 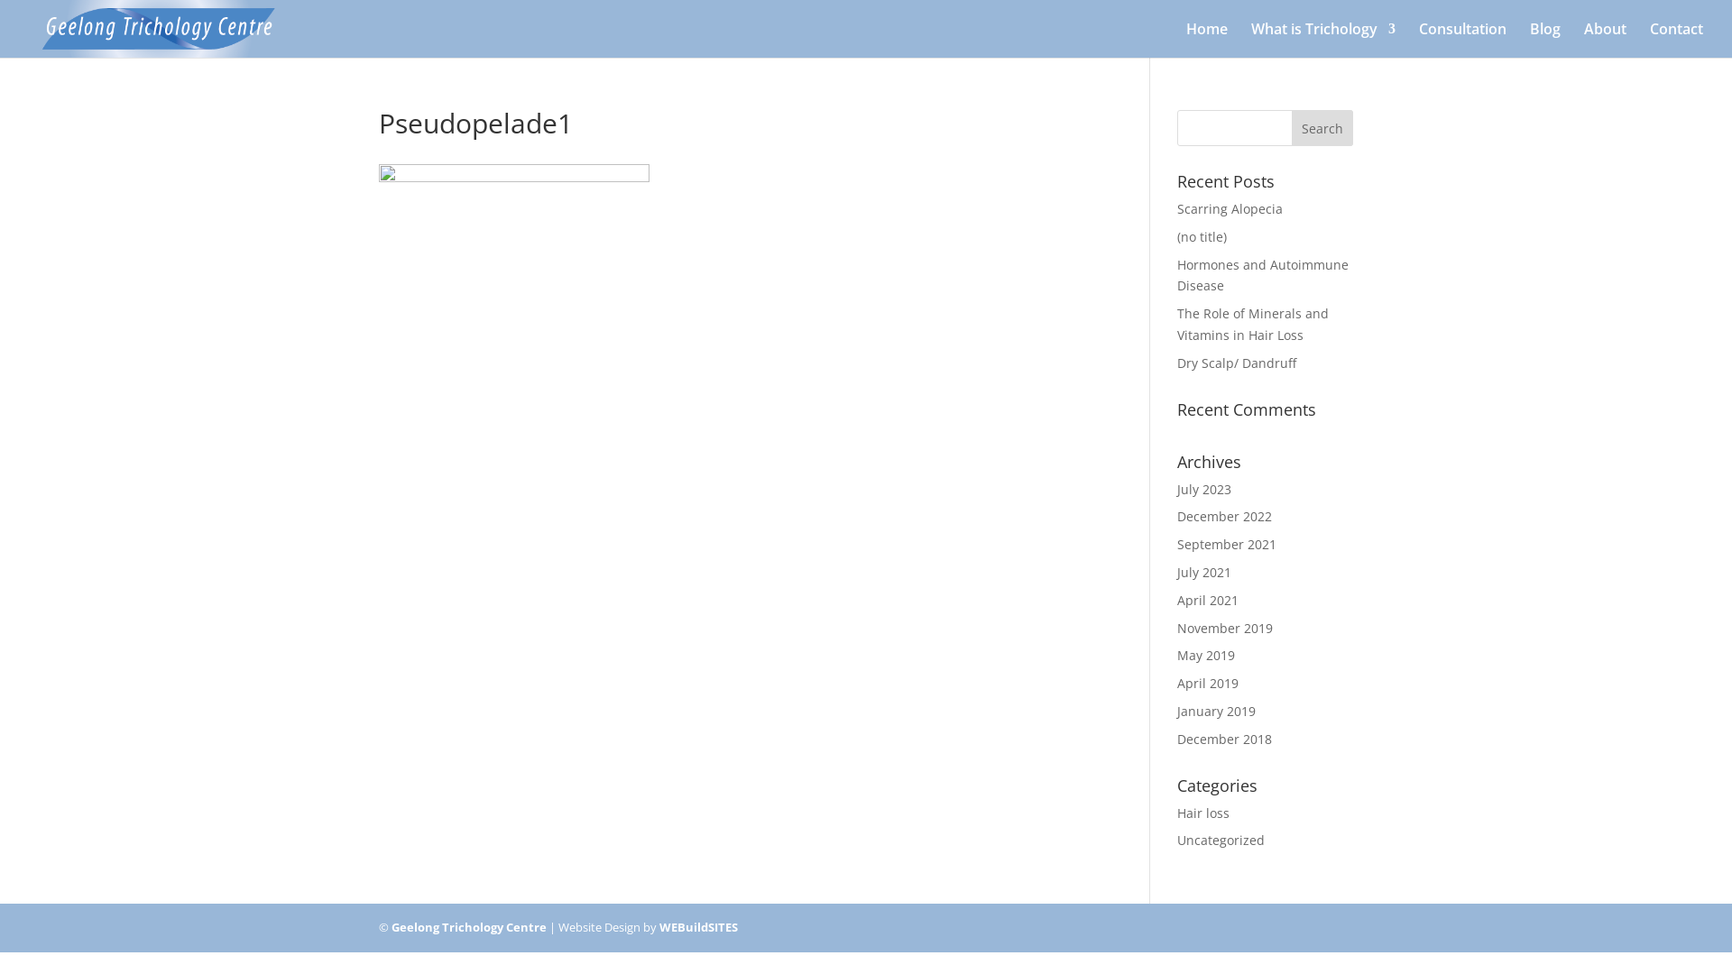 I want to click on 'Search', so click(x=1290, y=127).